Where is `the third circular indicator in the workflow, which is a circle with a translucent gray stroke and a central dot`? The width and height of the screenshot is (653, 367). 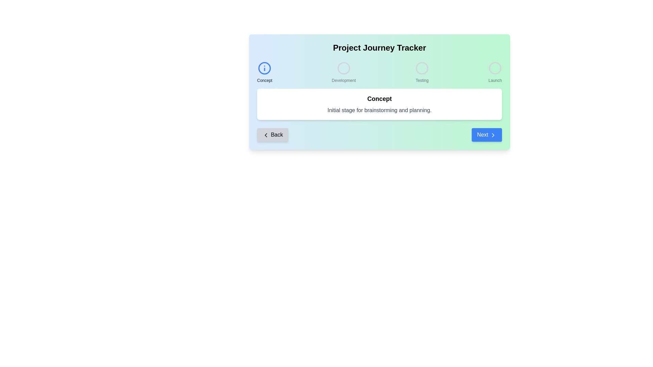 the third circular indicator in the workflow, which is a circle with a translucent gray stroke and a central dot is located at coordinates (422, 68).